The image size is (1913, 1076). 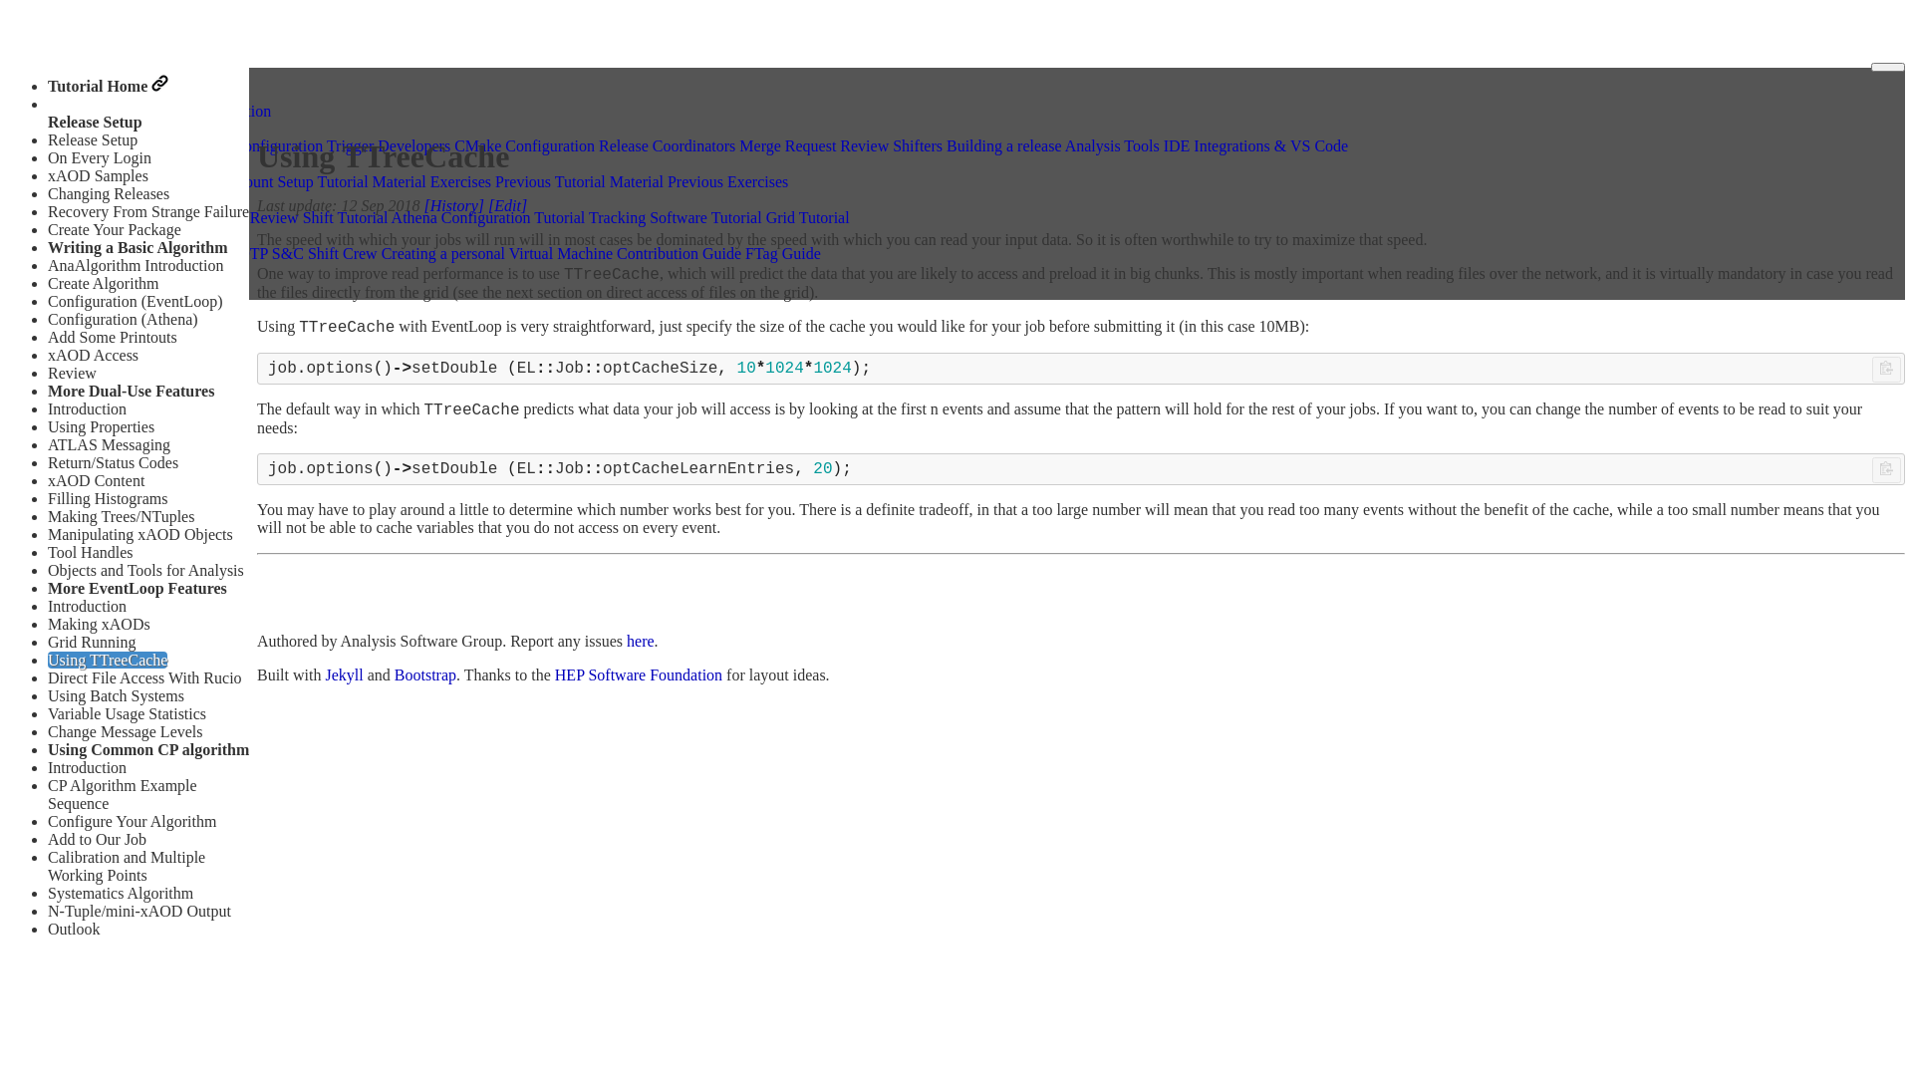 What do you see at coordinates (639, 673) in the screenshot?
I see `'HEP Software Foundation'` at bounding box center [639, 673].